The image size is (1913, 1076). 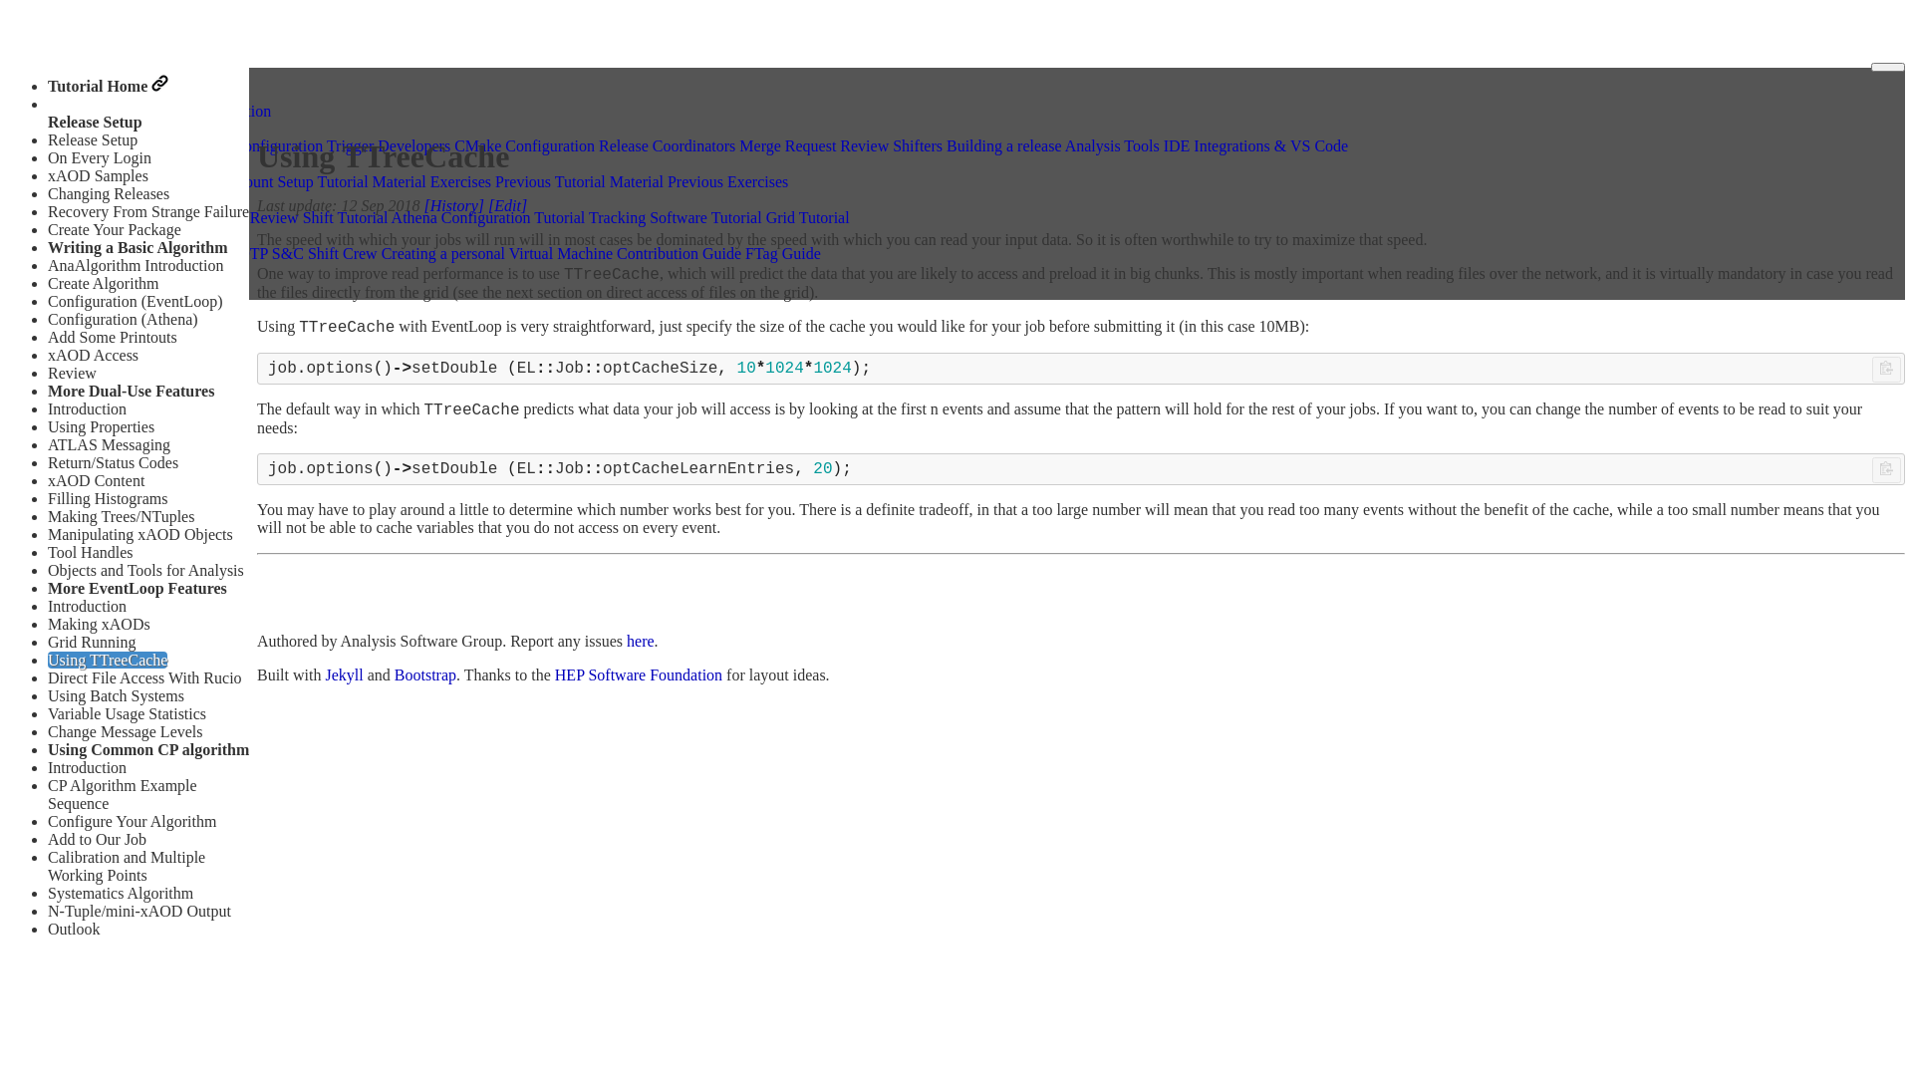 What do you see at coordinates (639, 673) in the screenshot?
I see `'HEP Software Foundation'` at bounding box center [639, 673].